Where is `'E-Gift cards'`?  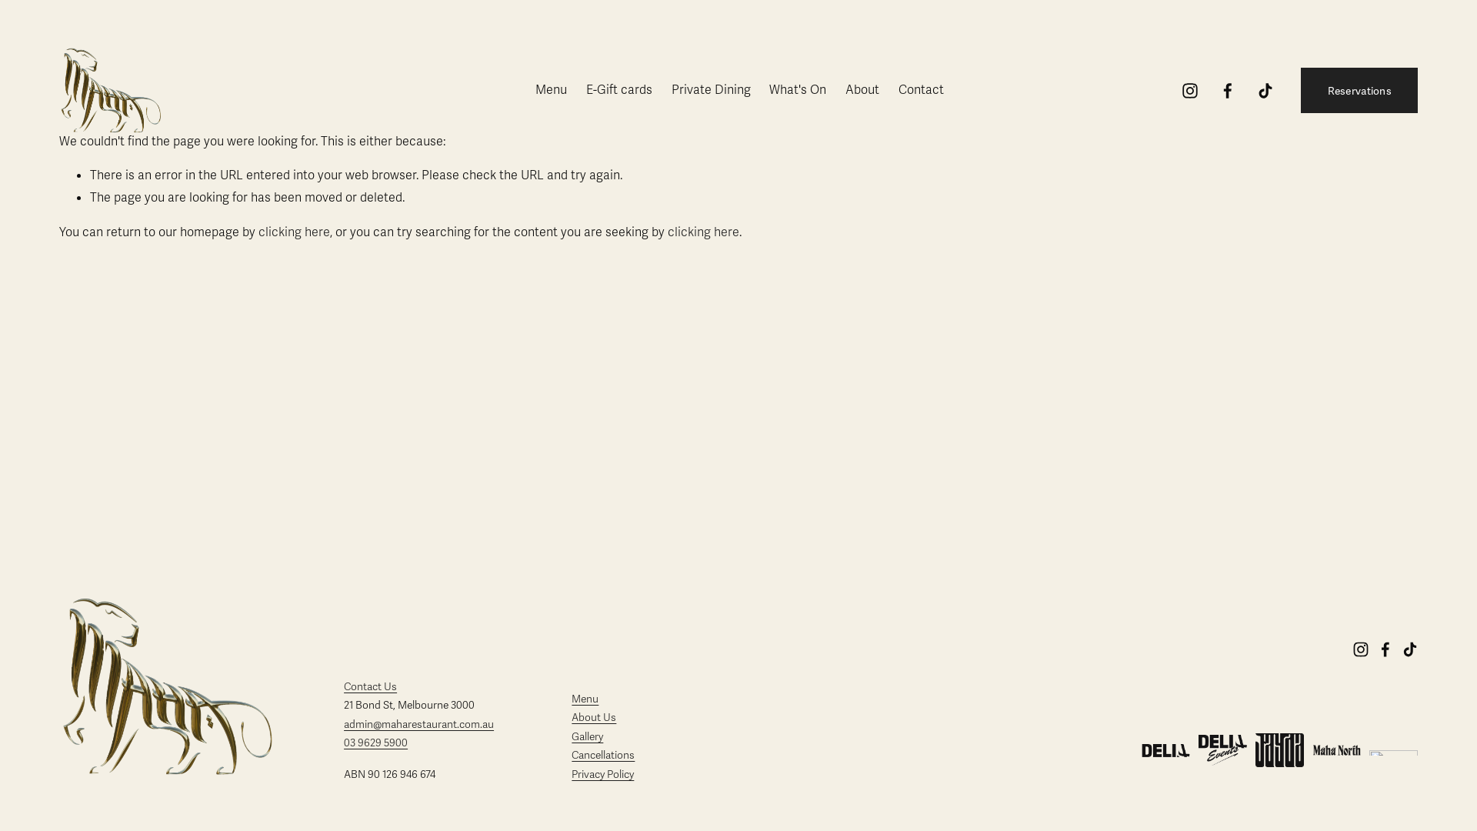 'E-Gift cards' is located at coordinates (619, 91).